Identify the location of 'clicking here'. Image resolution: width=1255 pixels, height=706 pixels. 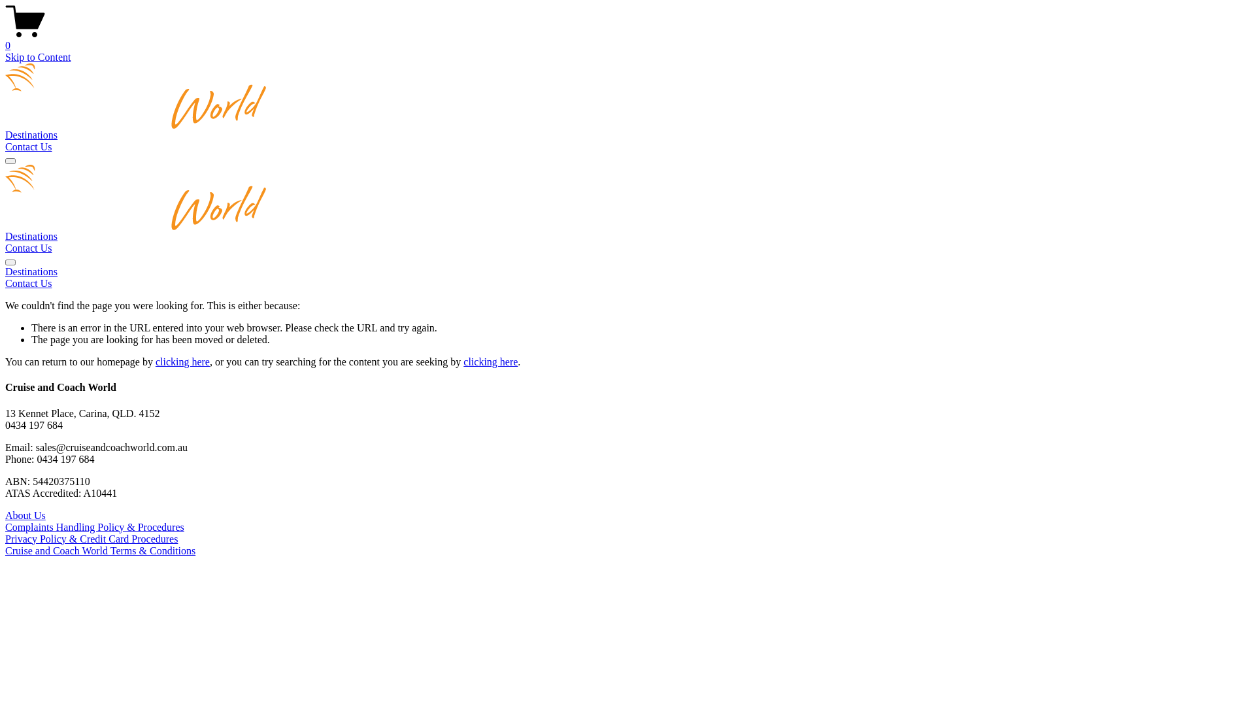
(182, 361).